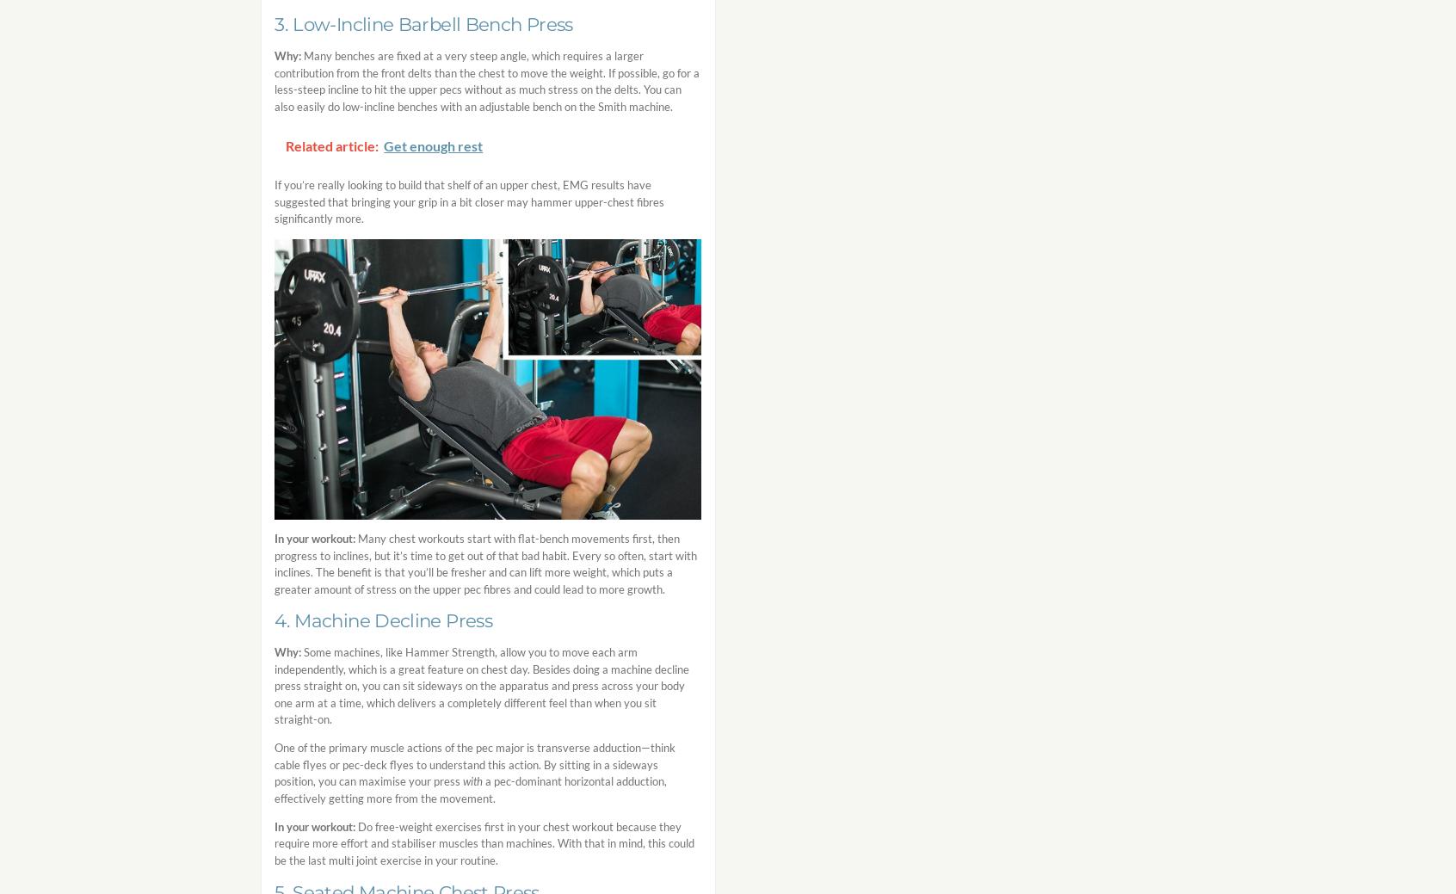  What do you see at coordinates (463, 780) in the screenshot?
I see `'with'` at bounding box center [463, 780].